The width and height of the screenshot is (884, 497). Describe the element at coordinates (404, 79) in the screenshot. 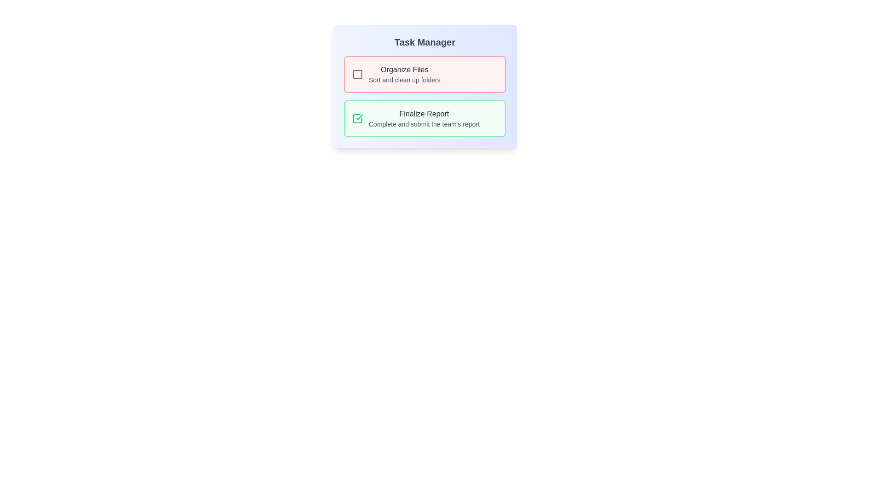

I see `the text label displaying 'Sort and clean up folders', which is located beneath the 'Organize Files' label in the task manager interface` at that location.